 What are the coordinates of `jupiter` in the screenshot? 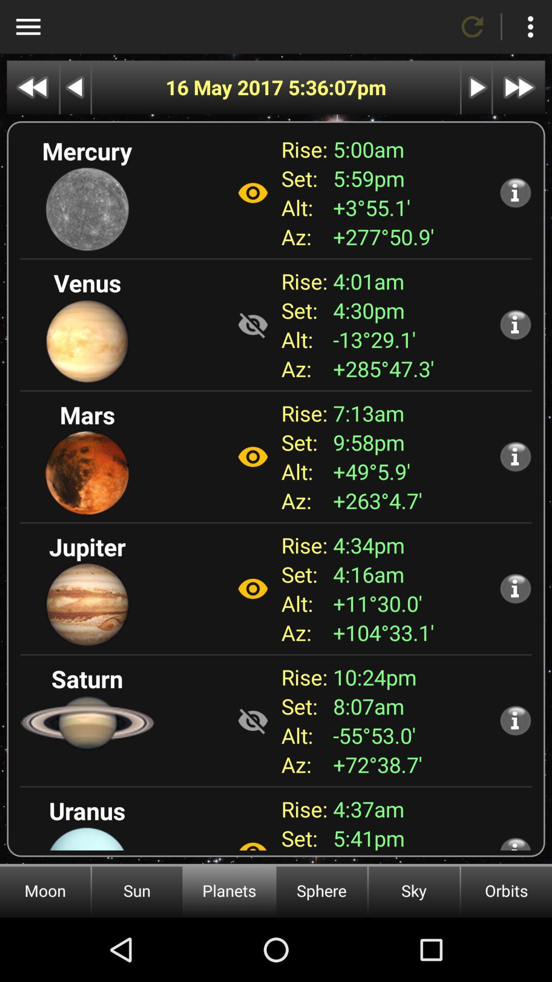 It's located at (252, 589).